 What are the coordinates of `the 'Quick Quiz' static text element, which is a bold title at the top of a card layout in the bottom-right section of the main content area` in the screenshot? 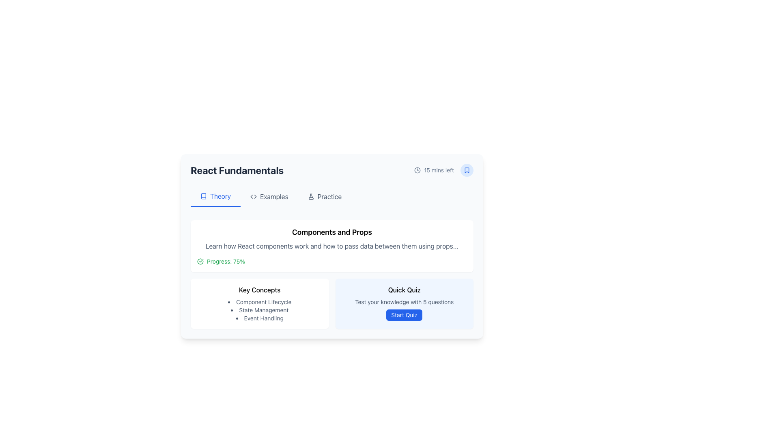 It's located at (404, 289).